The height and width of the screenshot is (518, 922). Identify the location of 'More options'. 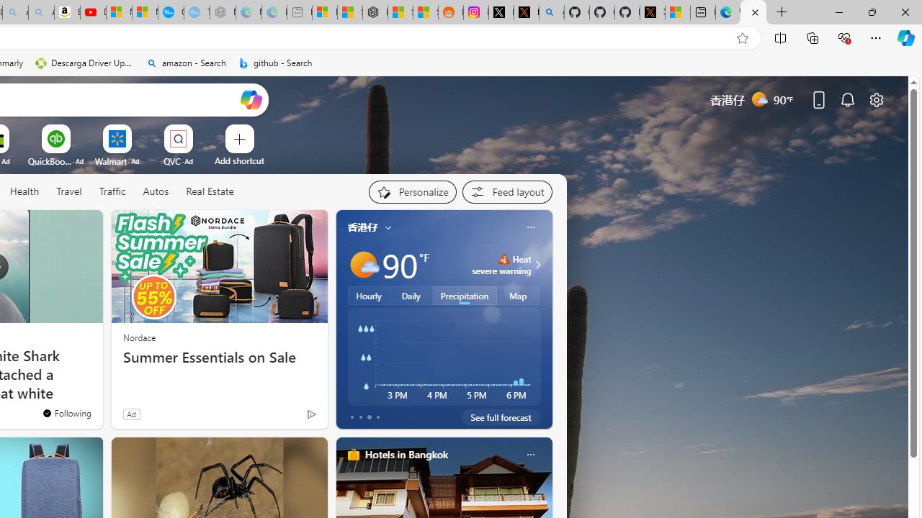
(529, 454).